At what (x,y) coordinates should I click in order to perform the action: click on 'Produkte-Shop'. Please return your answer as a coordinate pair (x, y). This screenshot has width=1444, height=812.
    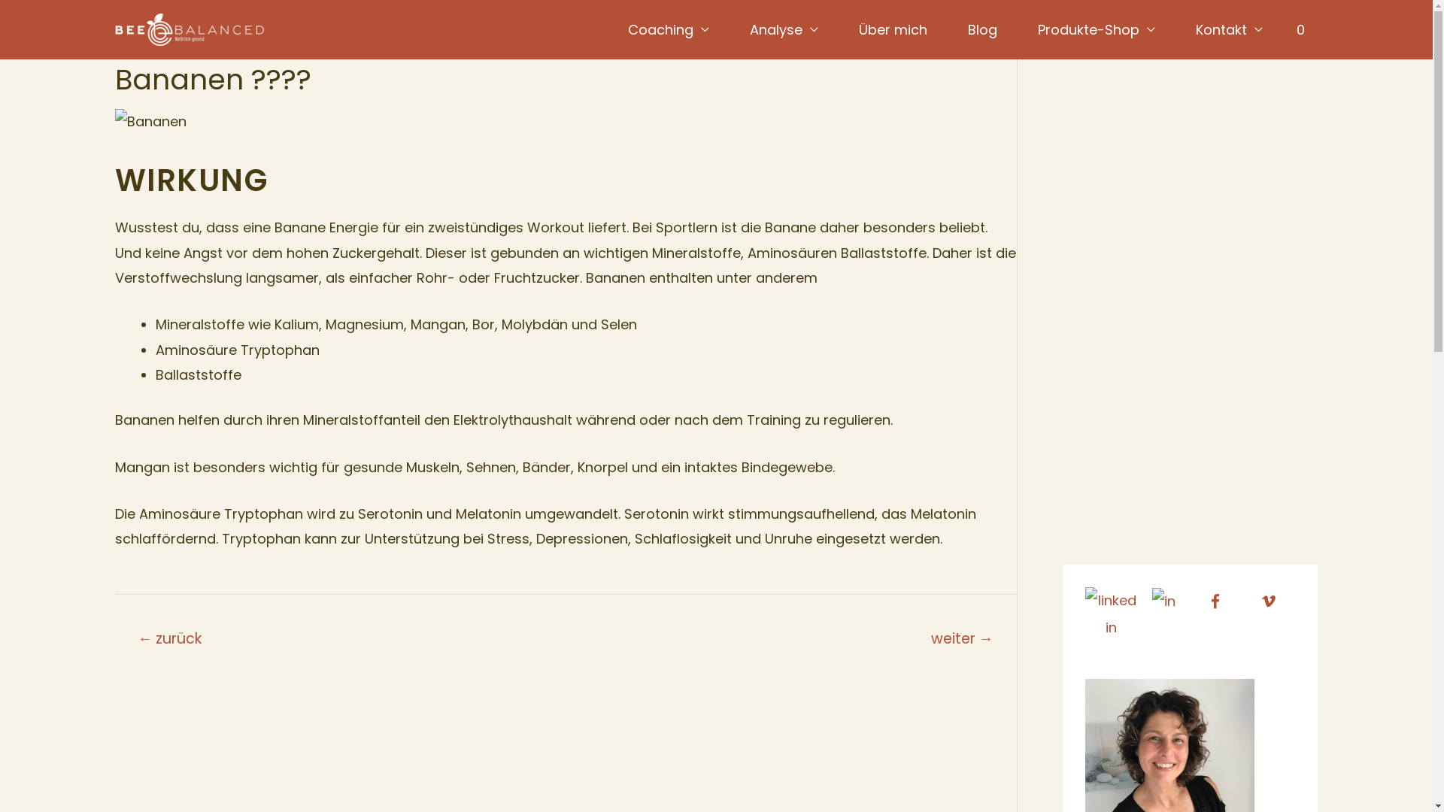
    Looking at the image, I should click on (1037, 29).